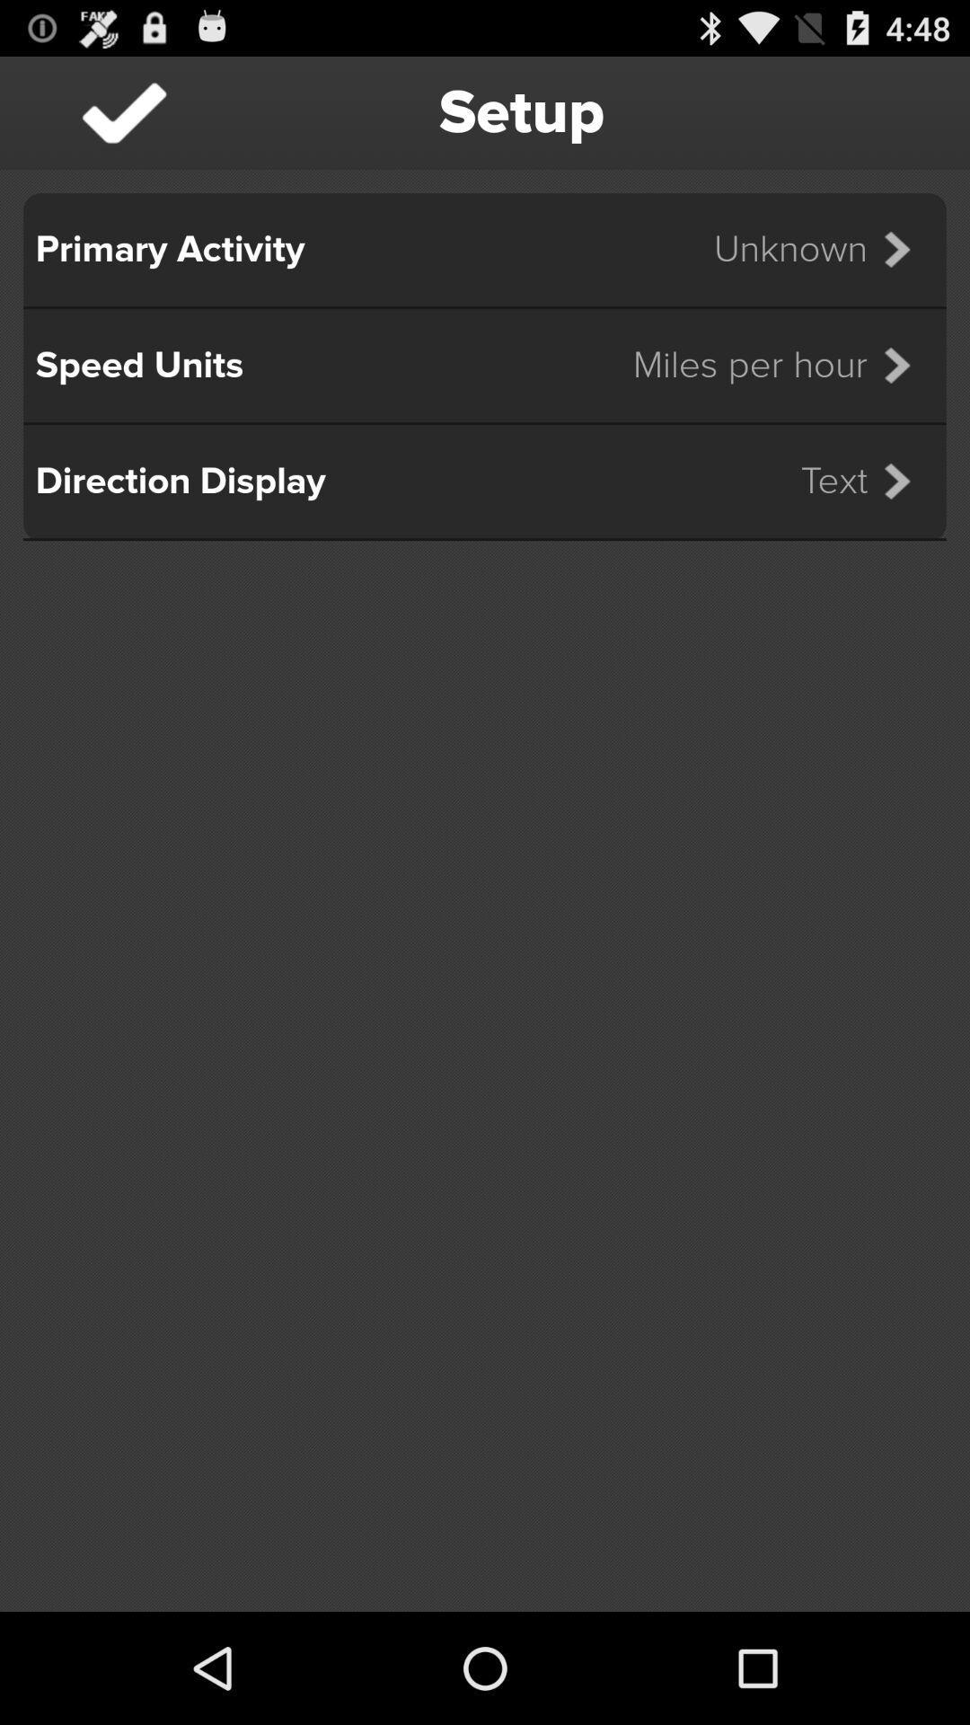 This screenshot has height=1725, width=970. What do you see at coordinates (123, 111) in the screenshot?
I see `icon to the left of setup` at bounding box center [123, 111].